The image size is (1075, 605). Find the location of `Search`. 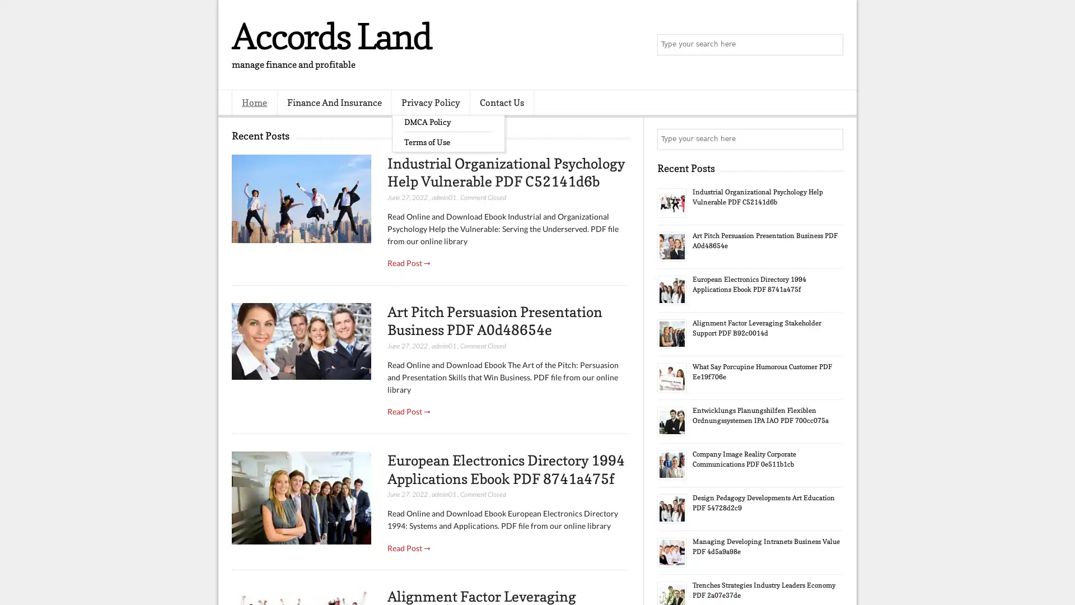

Search is located at coordinates (831, 45).